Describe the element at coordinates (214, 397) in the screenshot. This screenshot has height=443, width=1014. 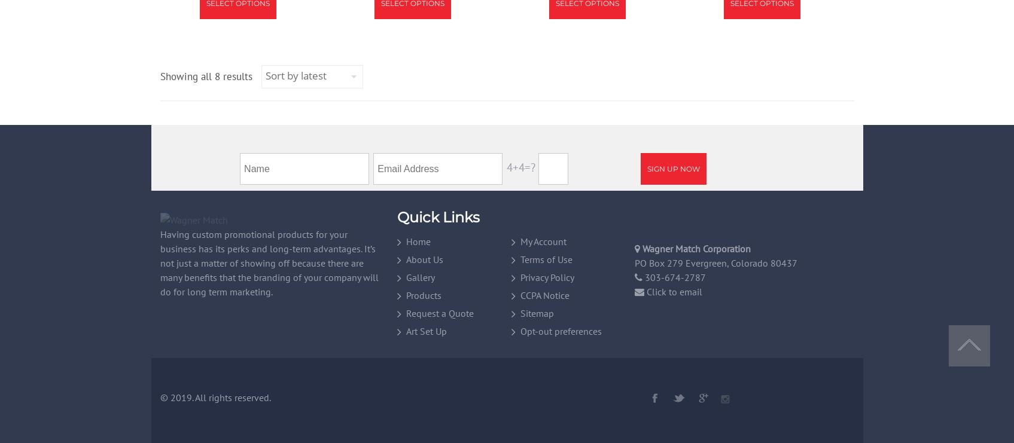
I see `'© 2019. All rights reserved.'` at that location.